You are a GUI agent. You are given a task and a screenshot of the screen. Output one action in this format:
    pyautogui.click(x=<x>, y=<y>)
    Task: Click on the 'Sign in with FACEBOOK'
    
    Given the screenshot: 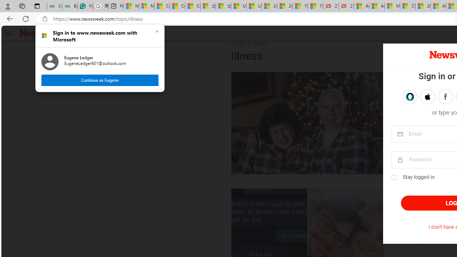 What is the action you would take?
    pyautogui.click(x=445, y=97)
    